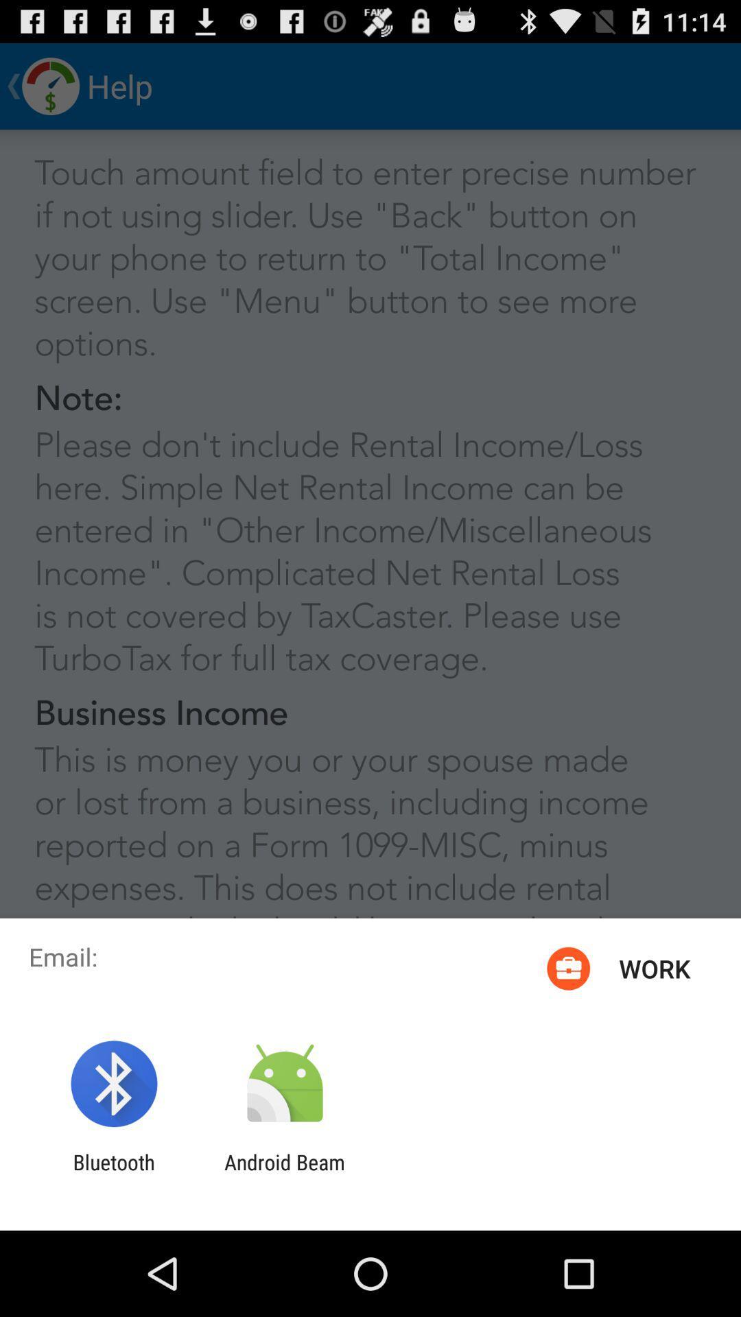 This screenshot has height=1317, width=741. I want to click on item to the right of the bluetooth item, so click(284, 1174).